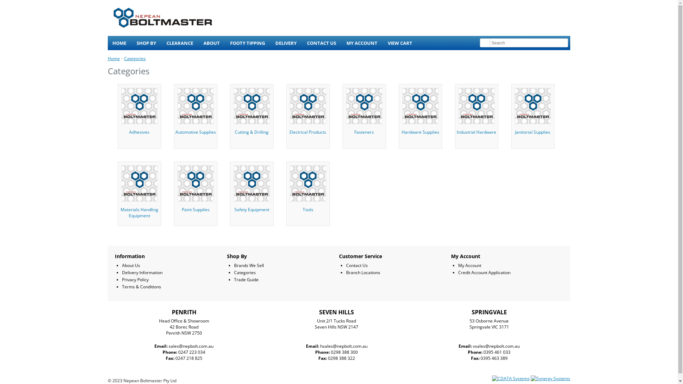 Image resolution: width=683 pixels, height=384 pixels. Describe the element at coordinates (550, 378) in the screenshot. I see `'Synergy Systems'` at that location.